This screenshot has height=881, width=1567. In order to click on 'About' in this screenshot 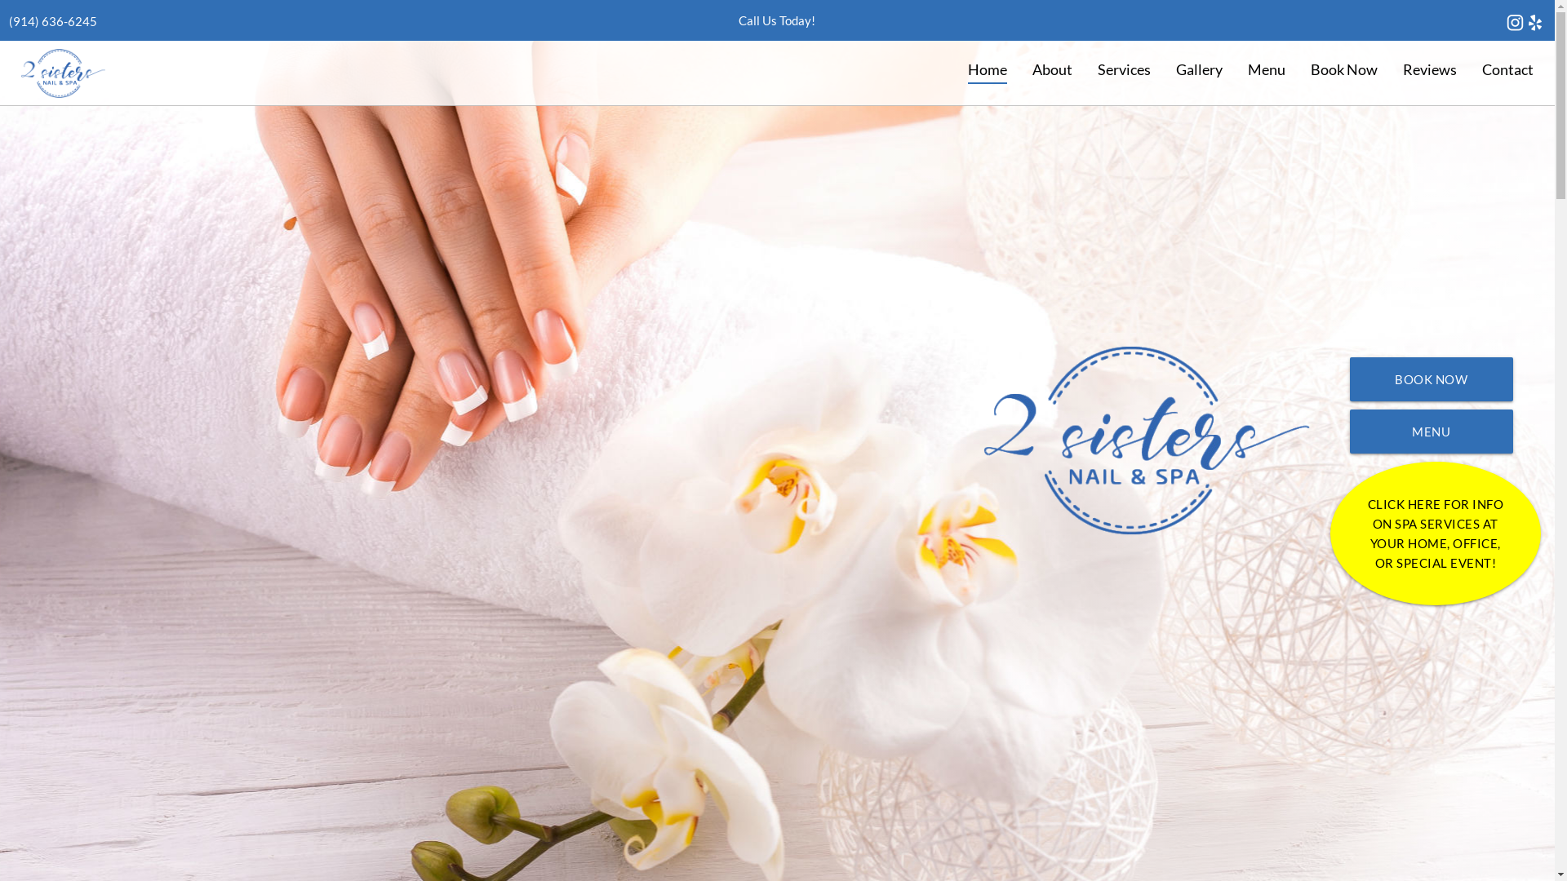, I will do `click(1052, 69)`.